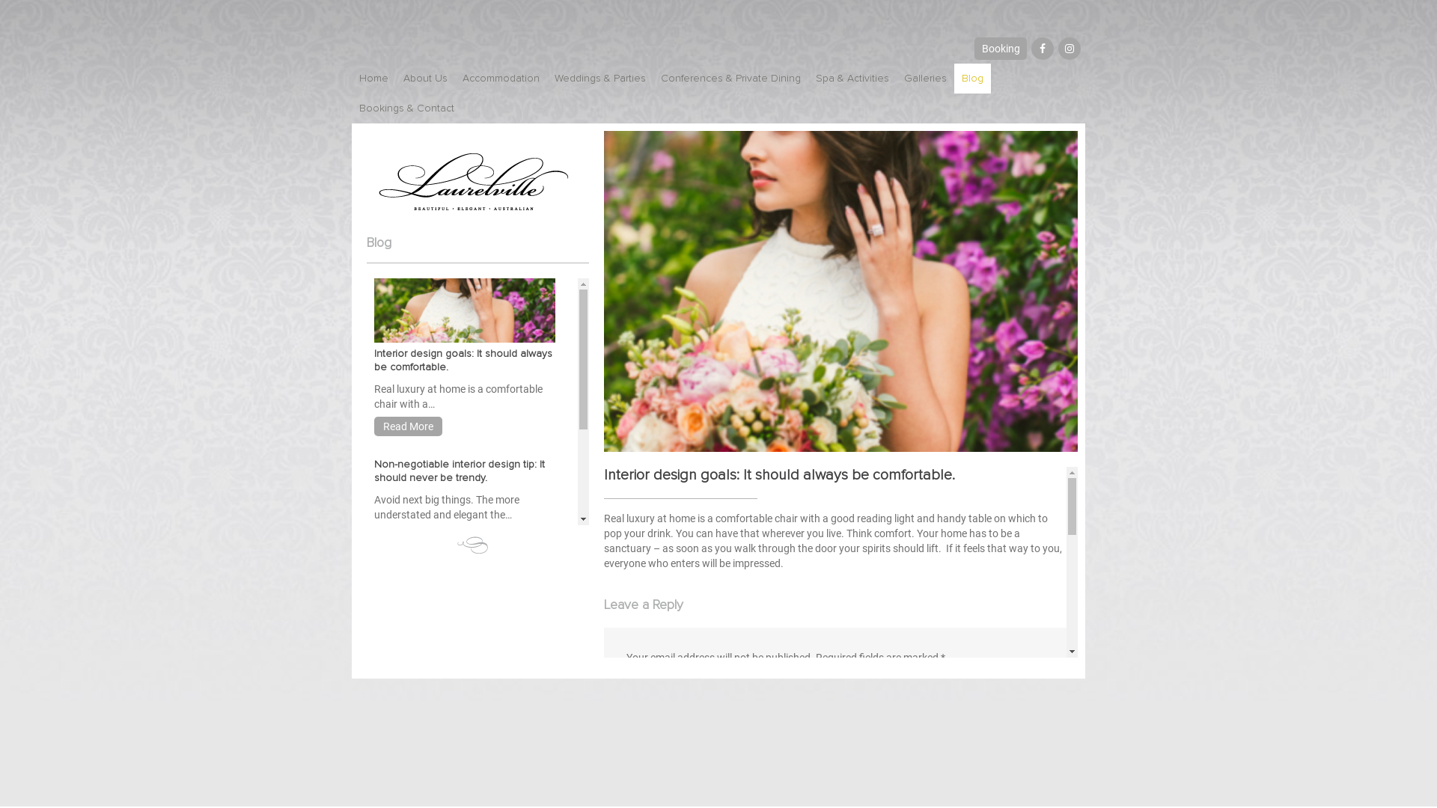 The width and height of the screenshot is (1437, 808). What do you see at coordinates (408, 426) in the screenshot?
I see `'Read More'` at bounding box center [408, 426].